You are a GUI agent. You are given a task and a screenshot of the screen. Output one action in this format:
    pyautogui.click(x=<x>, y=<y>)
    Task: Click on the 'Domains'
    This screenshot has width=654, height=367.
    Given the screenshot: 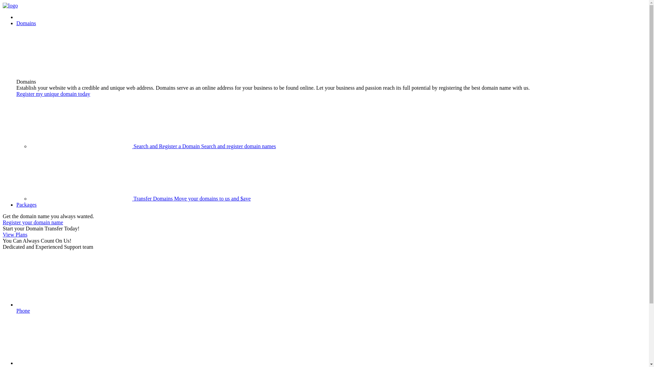 What is the action you would take?
    pyautogui.click(x=26, y=23)
    